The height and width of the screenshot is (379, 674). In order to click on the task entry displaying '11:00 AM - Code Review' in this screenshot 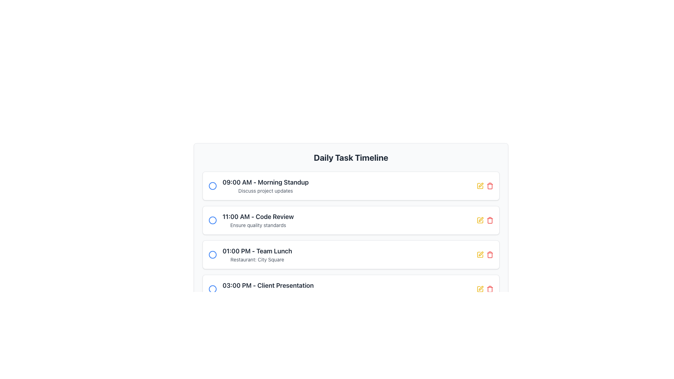, I will do `click(258, 220)`.